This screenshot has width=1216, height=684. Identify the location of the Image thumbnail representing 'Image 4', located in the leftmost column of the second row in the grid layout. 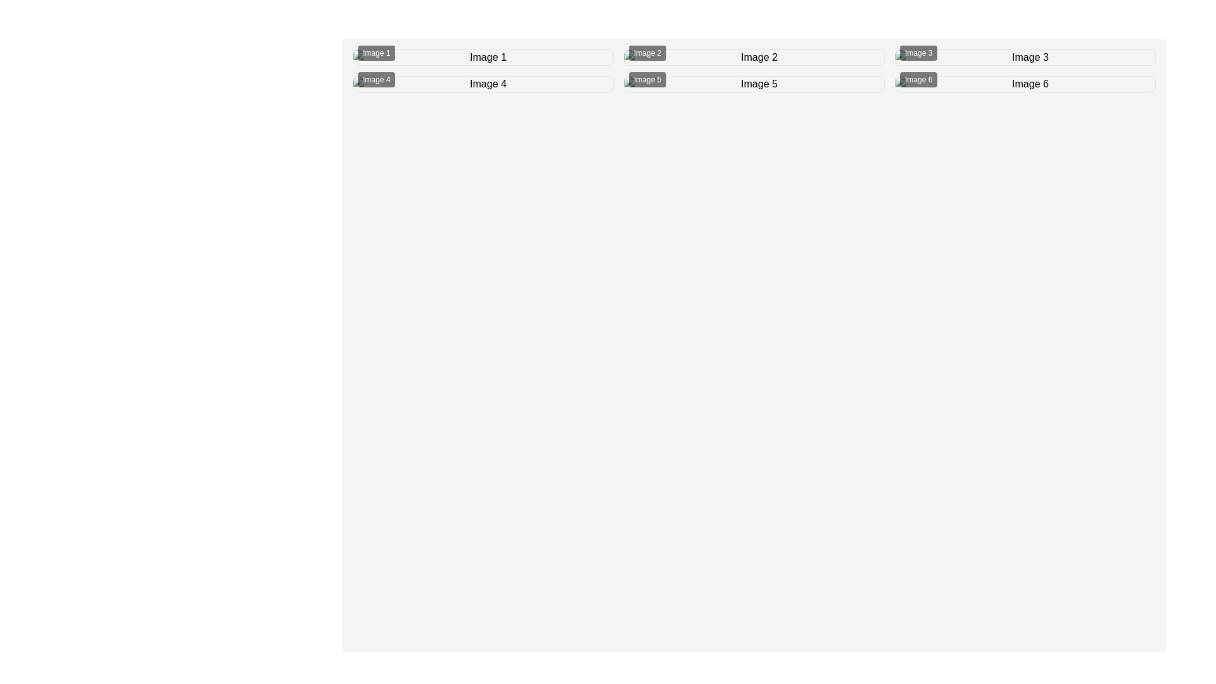
(483, 84).